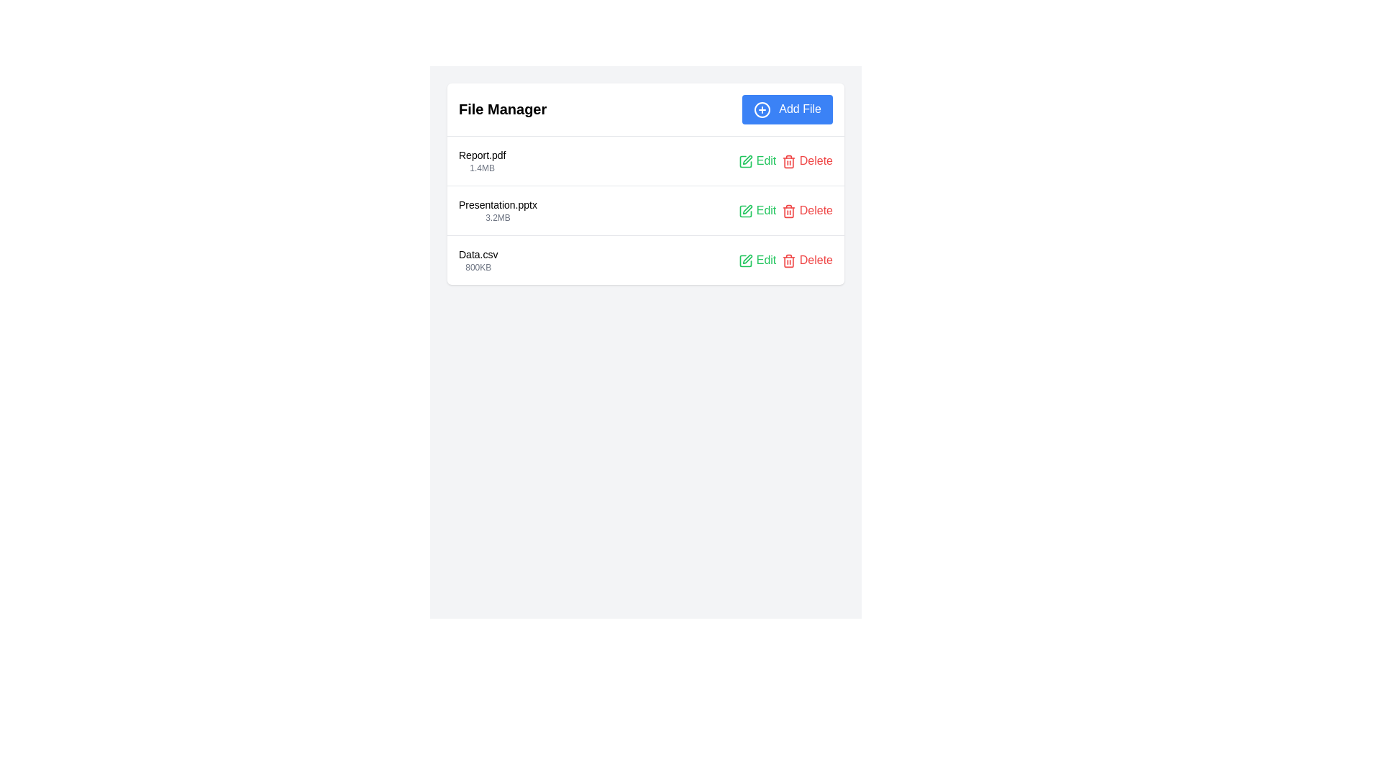 The width and height of the screenshot is (1381, 777). Describe the element at coordinates (807, 210) in the screenshot. I see `the 'Delete' link, which is styled in red font and accompanied by a trash can icon, located next to the 'Presentation.pptx' file entry in the File Manager interface` at that location.